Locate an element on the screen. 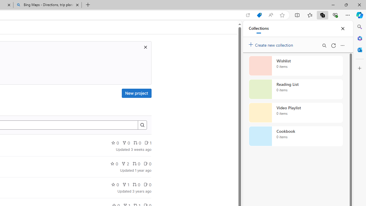  'Reading List collection, 0 items' is located at coordinates (296, 89).